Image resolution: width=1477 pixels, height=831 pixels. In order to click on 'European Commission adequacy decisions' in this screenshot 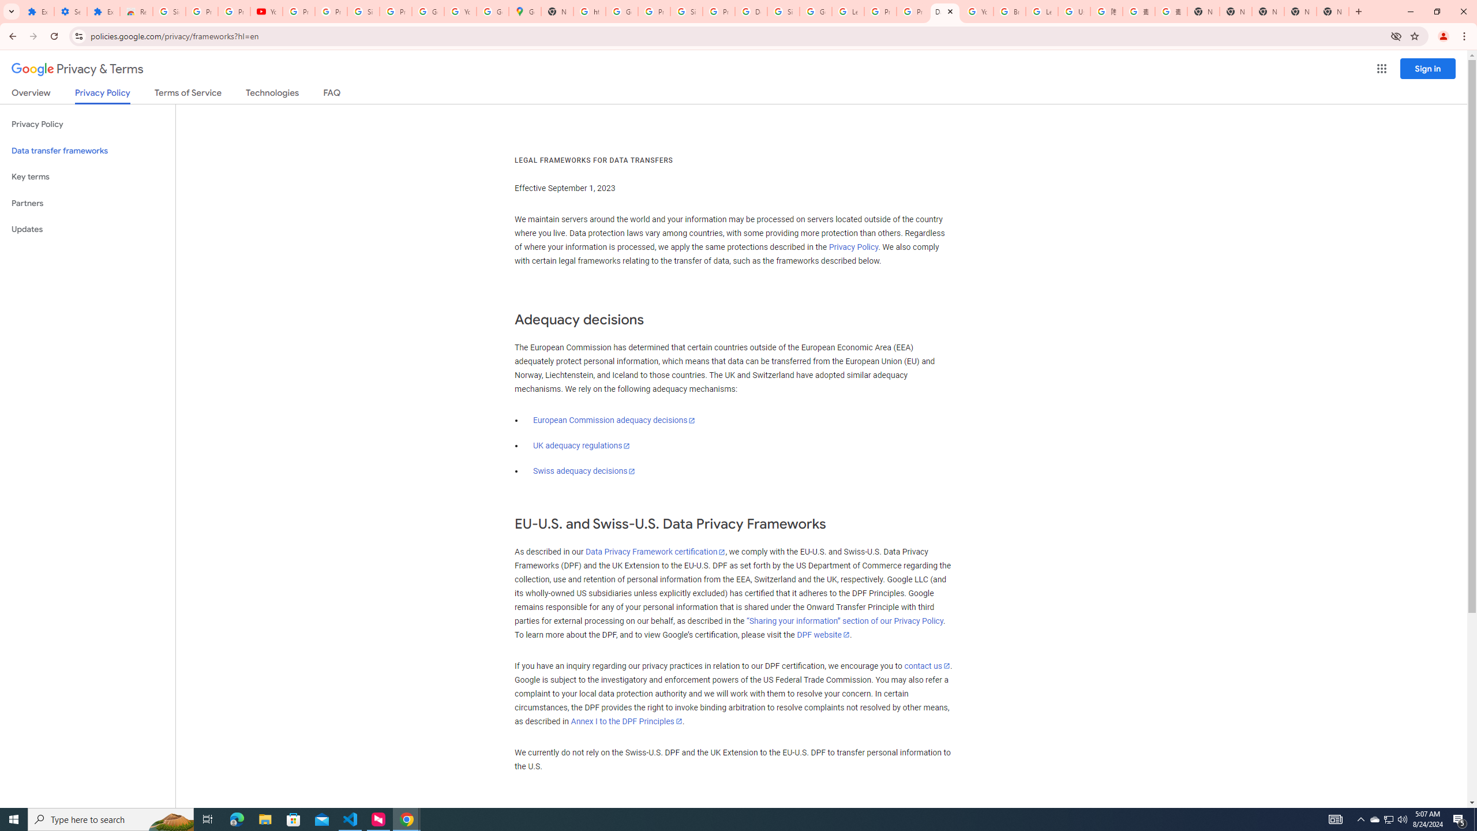, I will do `click(613, 420)`.